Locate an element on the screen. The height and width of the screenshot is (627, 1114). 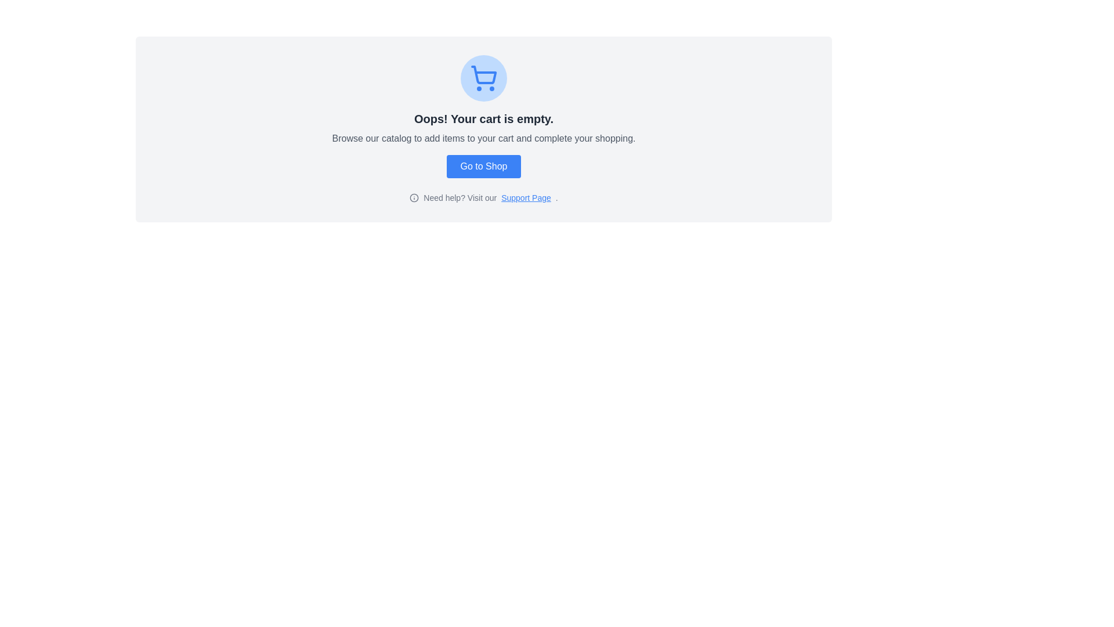
message displayed in the Text Label indicating that the shopping cart is empty, which is centrally positioned below the shopping cart icon is located at coordinates (484, 118).